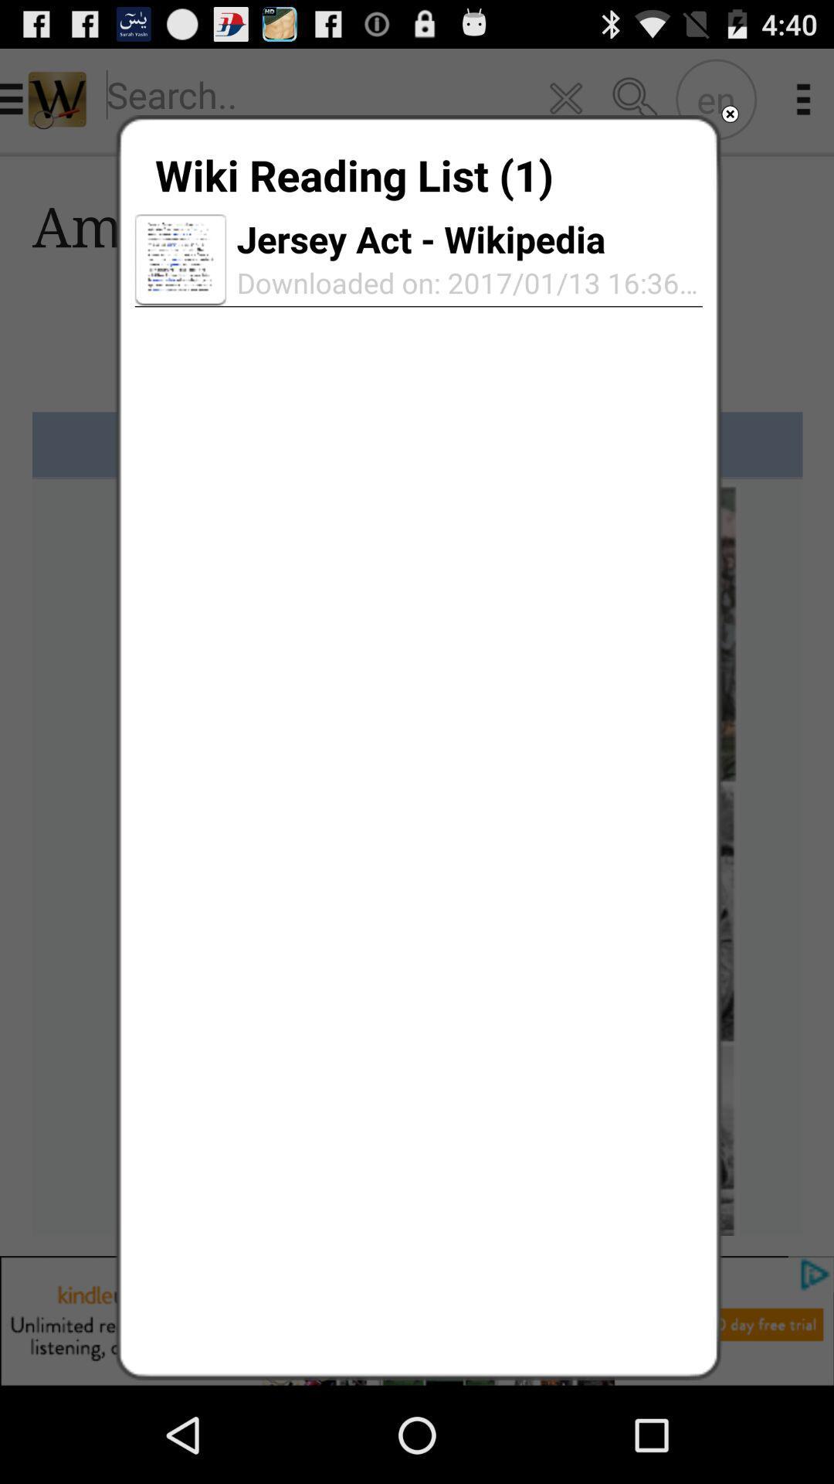 The width and height of the screenshot is (834, 1484). What do you see at coordinates (463, 282) in the screenshot?
I see `downloaded on 2017` at bounding box center [463, 282].